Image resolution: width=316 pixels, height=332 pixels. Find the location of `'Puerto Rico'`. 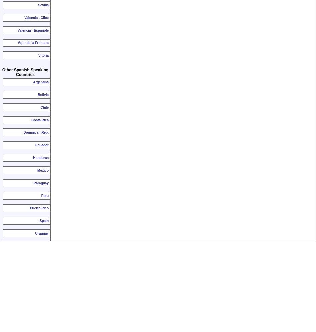

'Puerto Rico' is located at coordinates (39, 208).